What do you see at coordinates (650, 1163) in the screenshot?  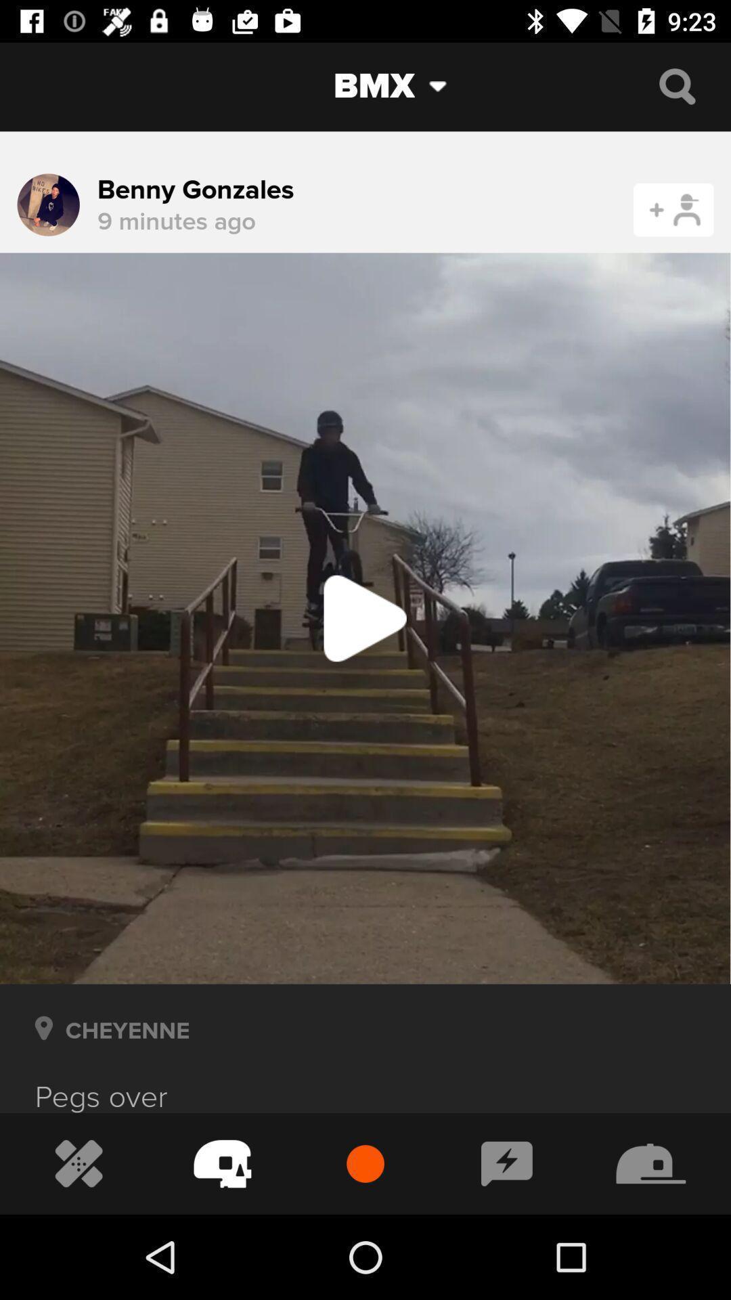 I see `the icon at the bottom right corner of the page` at bounding box center [650, 1163].